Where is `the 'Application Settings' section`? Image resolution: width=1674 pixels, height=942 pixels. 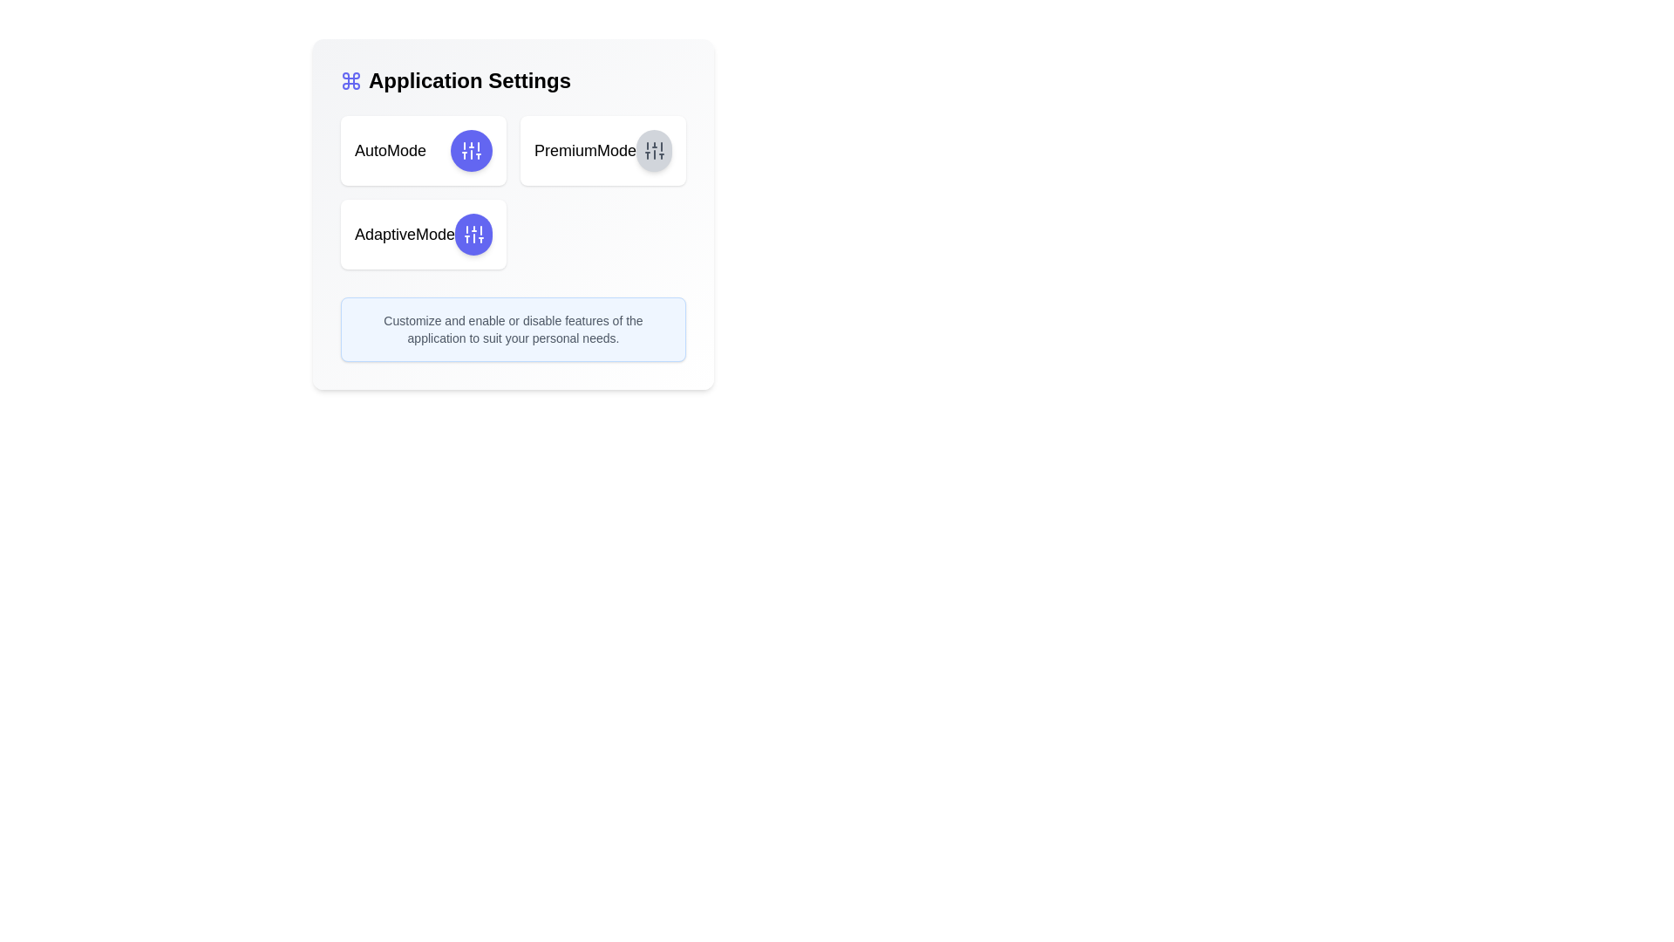 the 'Application Settings' section is located at coordinates (513, 80).